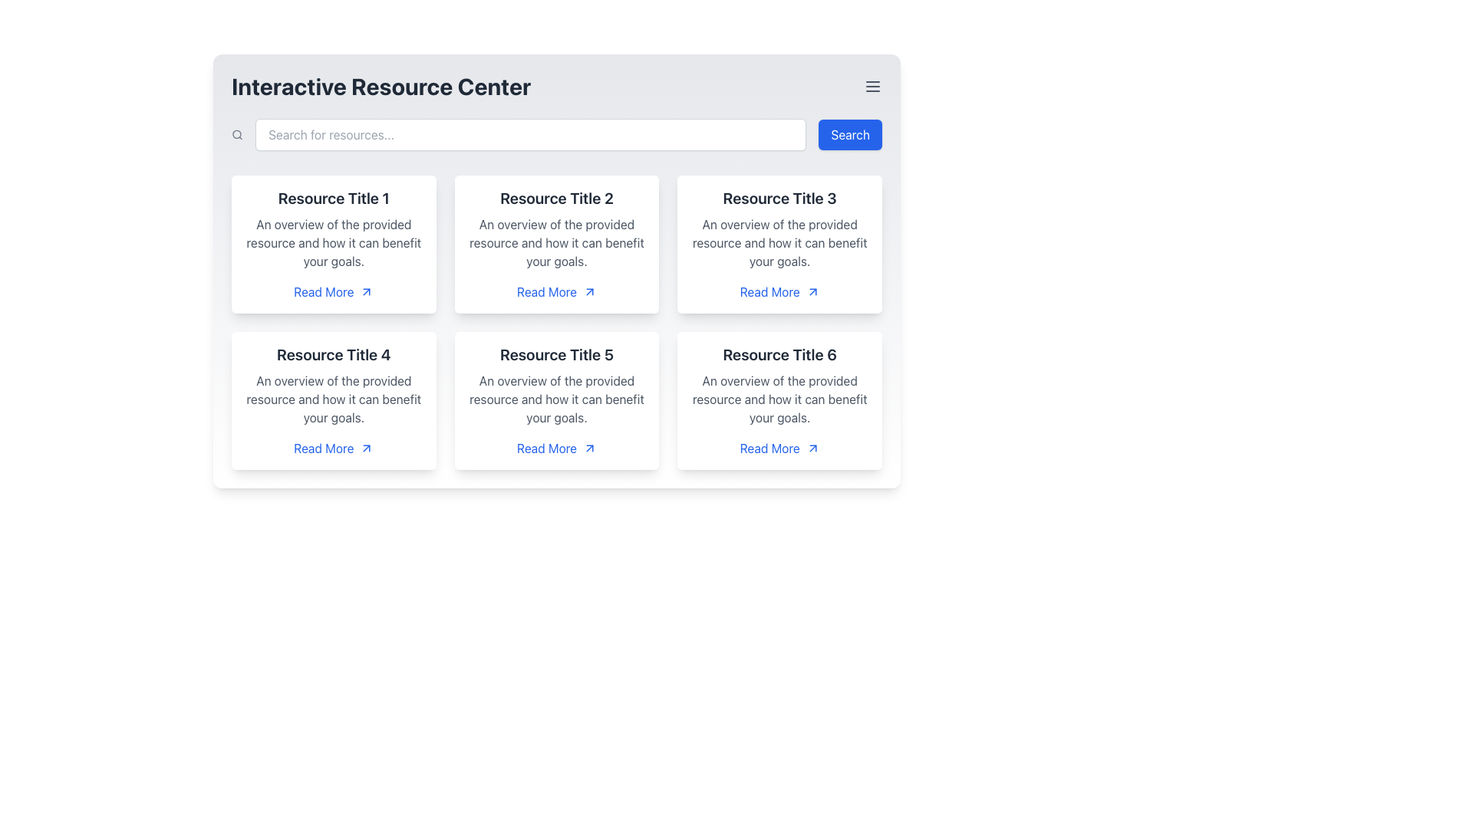 The width and height of the screenshot is (1473, 828). What do you see at coordinates (555, 449) in the screenshot?
I see `the hyperlink with an embedded icon located in the card titled 'Resource Title 5' at the bottom-right corner` at bounding box center [555, 449].